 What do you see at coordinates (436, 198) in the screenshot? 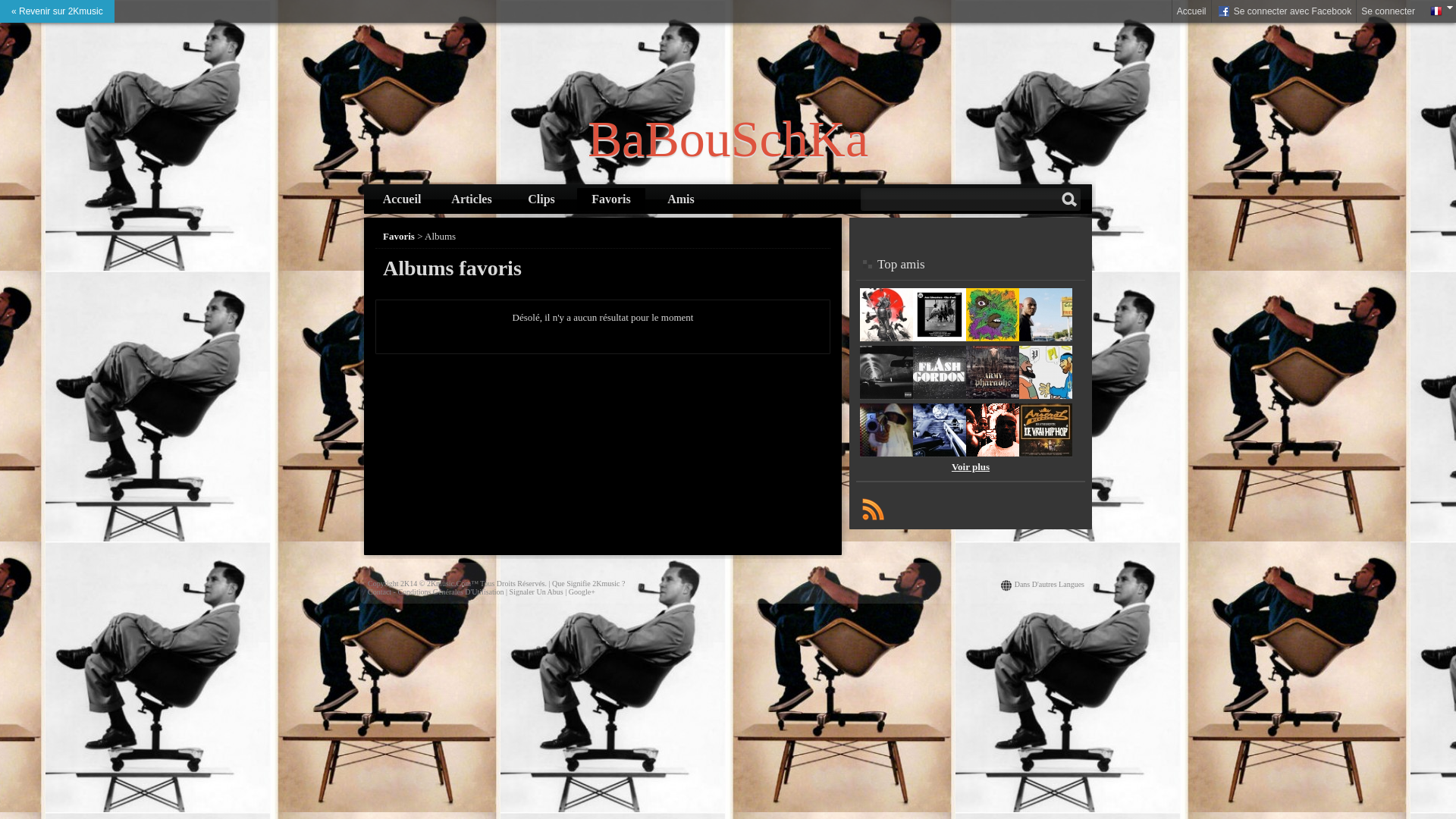
I see `'Articles'` at bounding box center [436, 198].